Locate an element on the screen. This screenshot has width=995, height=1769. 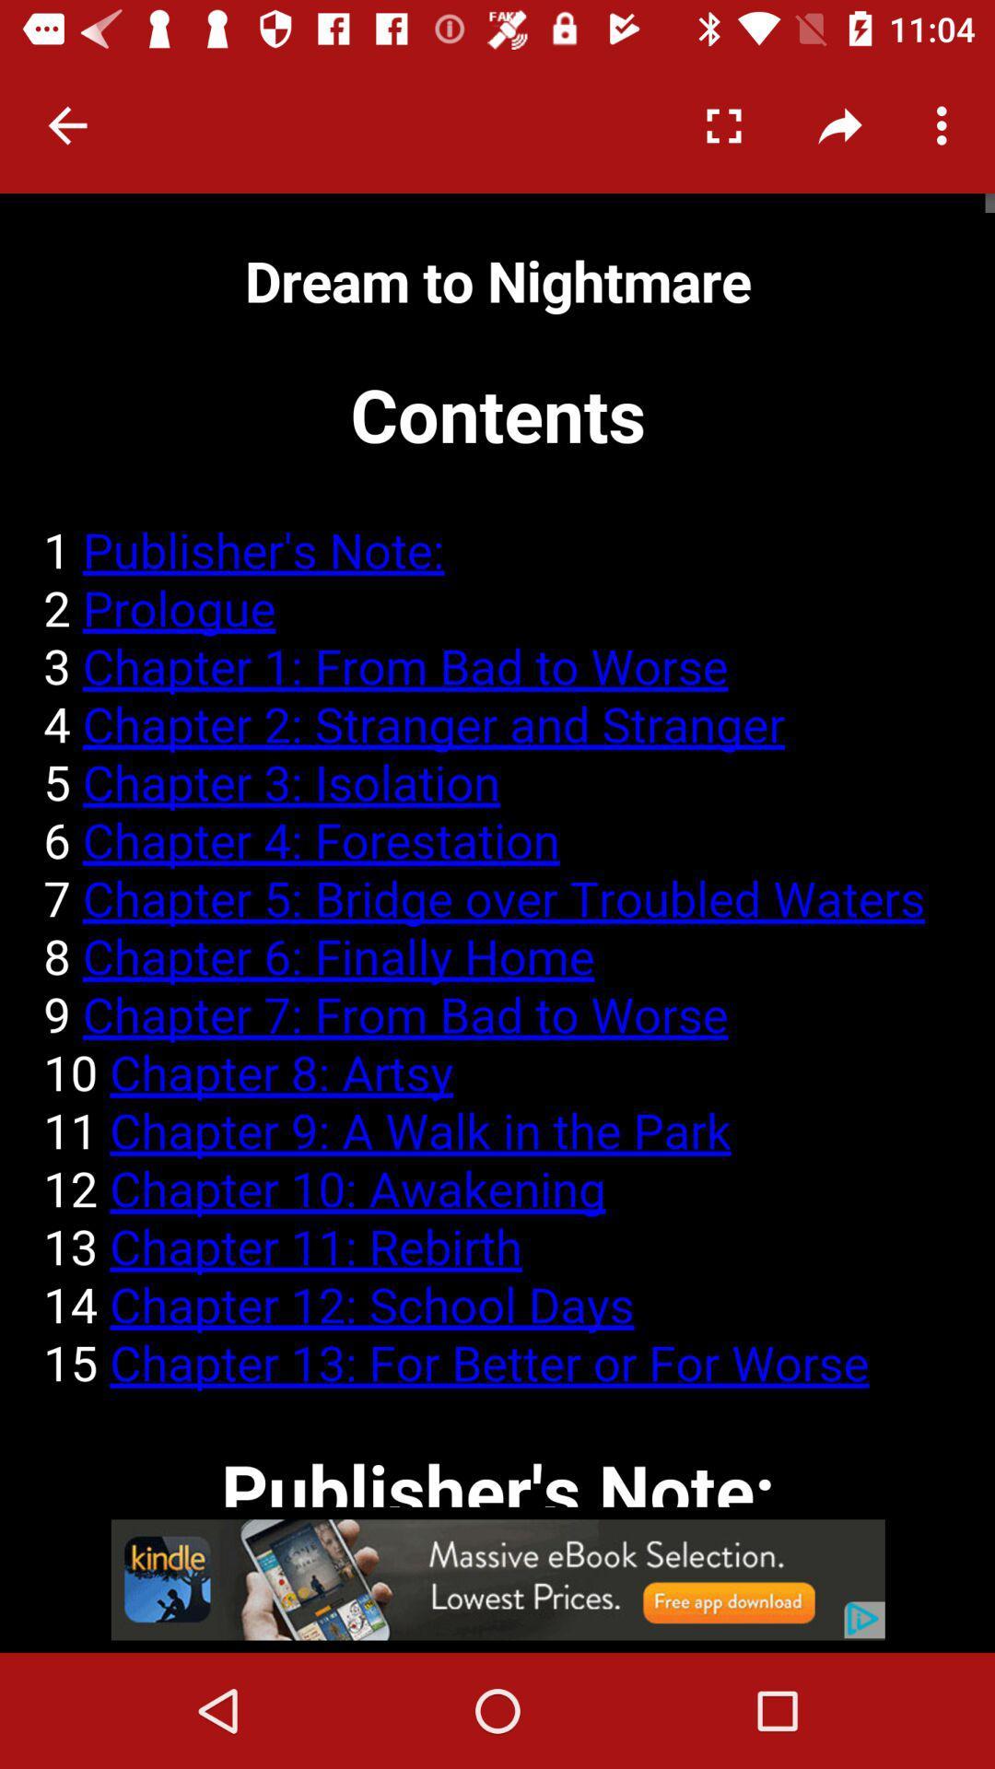
advertisement is located at coordinates (497, 1578).